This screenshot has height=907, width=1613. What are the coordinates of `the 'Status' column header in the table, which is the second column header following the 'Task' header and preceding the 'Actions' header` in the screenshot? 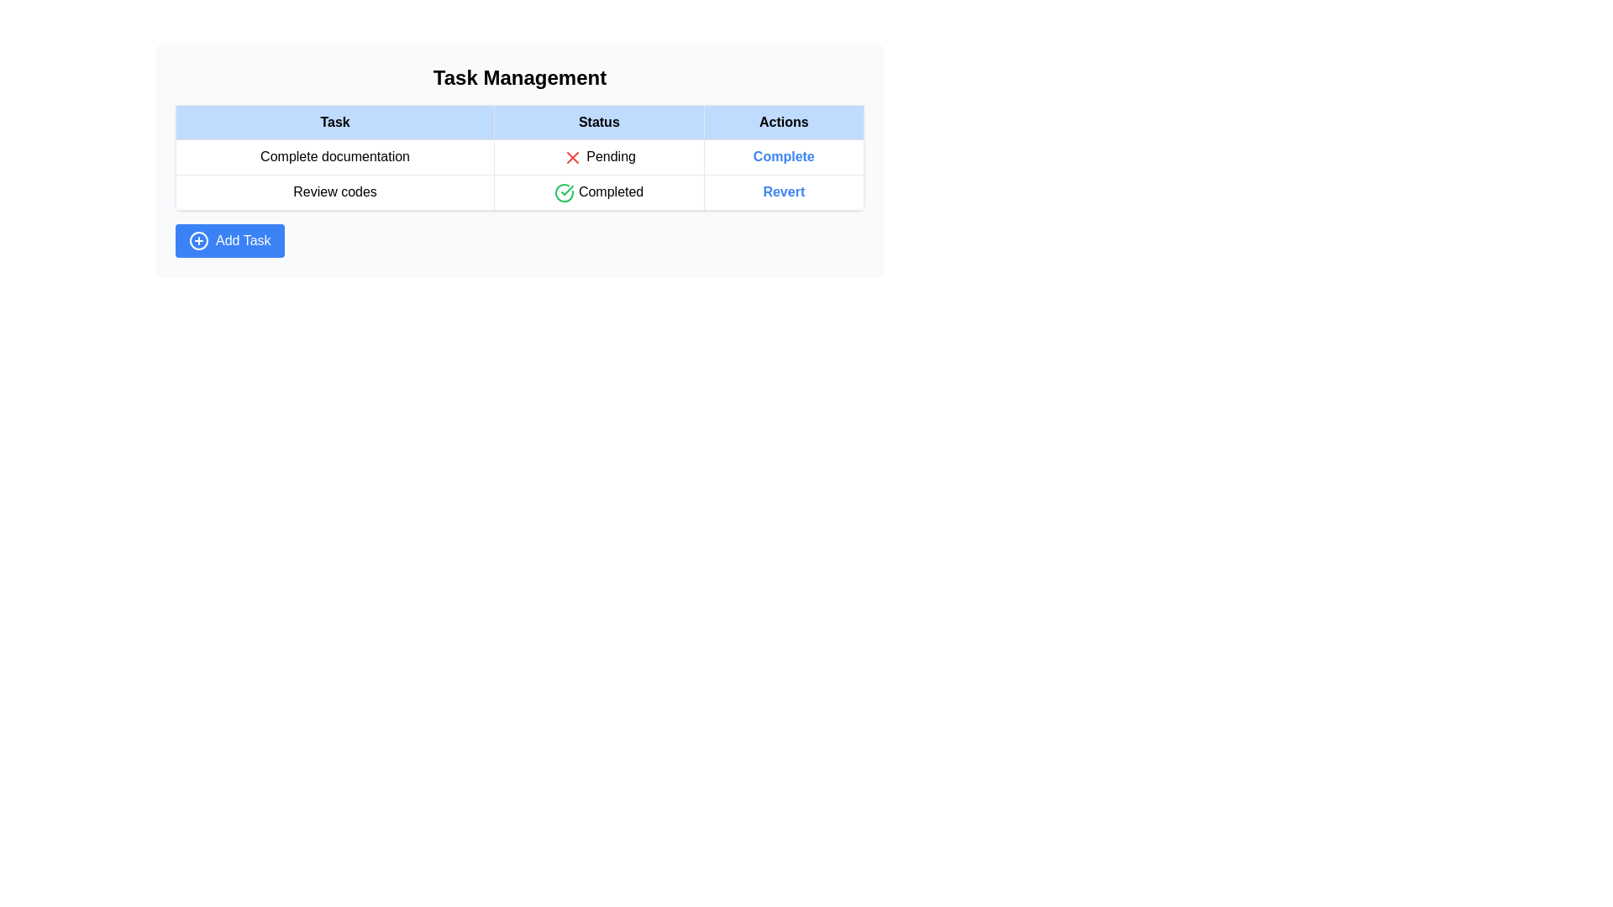 It's located at (599, 122).